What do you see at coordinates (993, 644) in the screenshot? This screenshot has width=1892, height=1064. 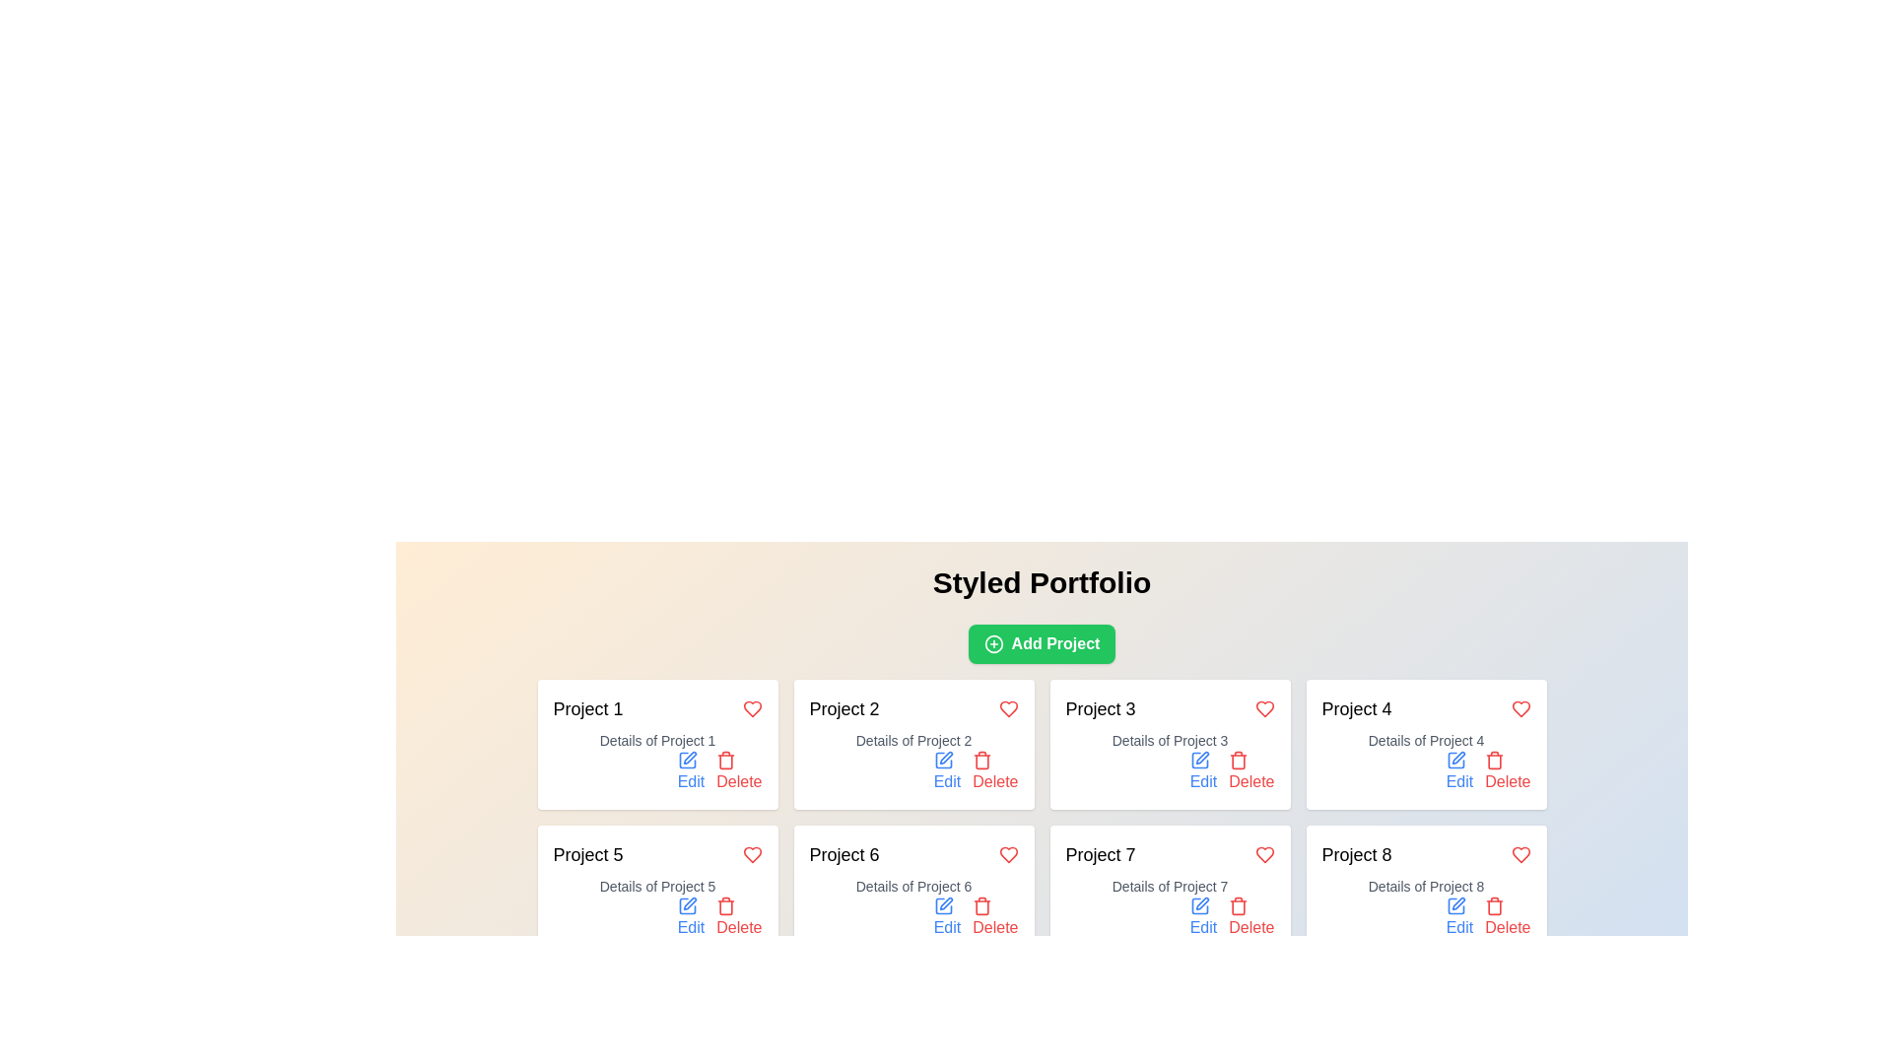 I see `the circular decorative border surrounding the '+' symbol in the 'Add Project' button, located just below the 'Styled Portfolio' title text` at bounding box center [993, 644].